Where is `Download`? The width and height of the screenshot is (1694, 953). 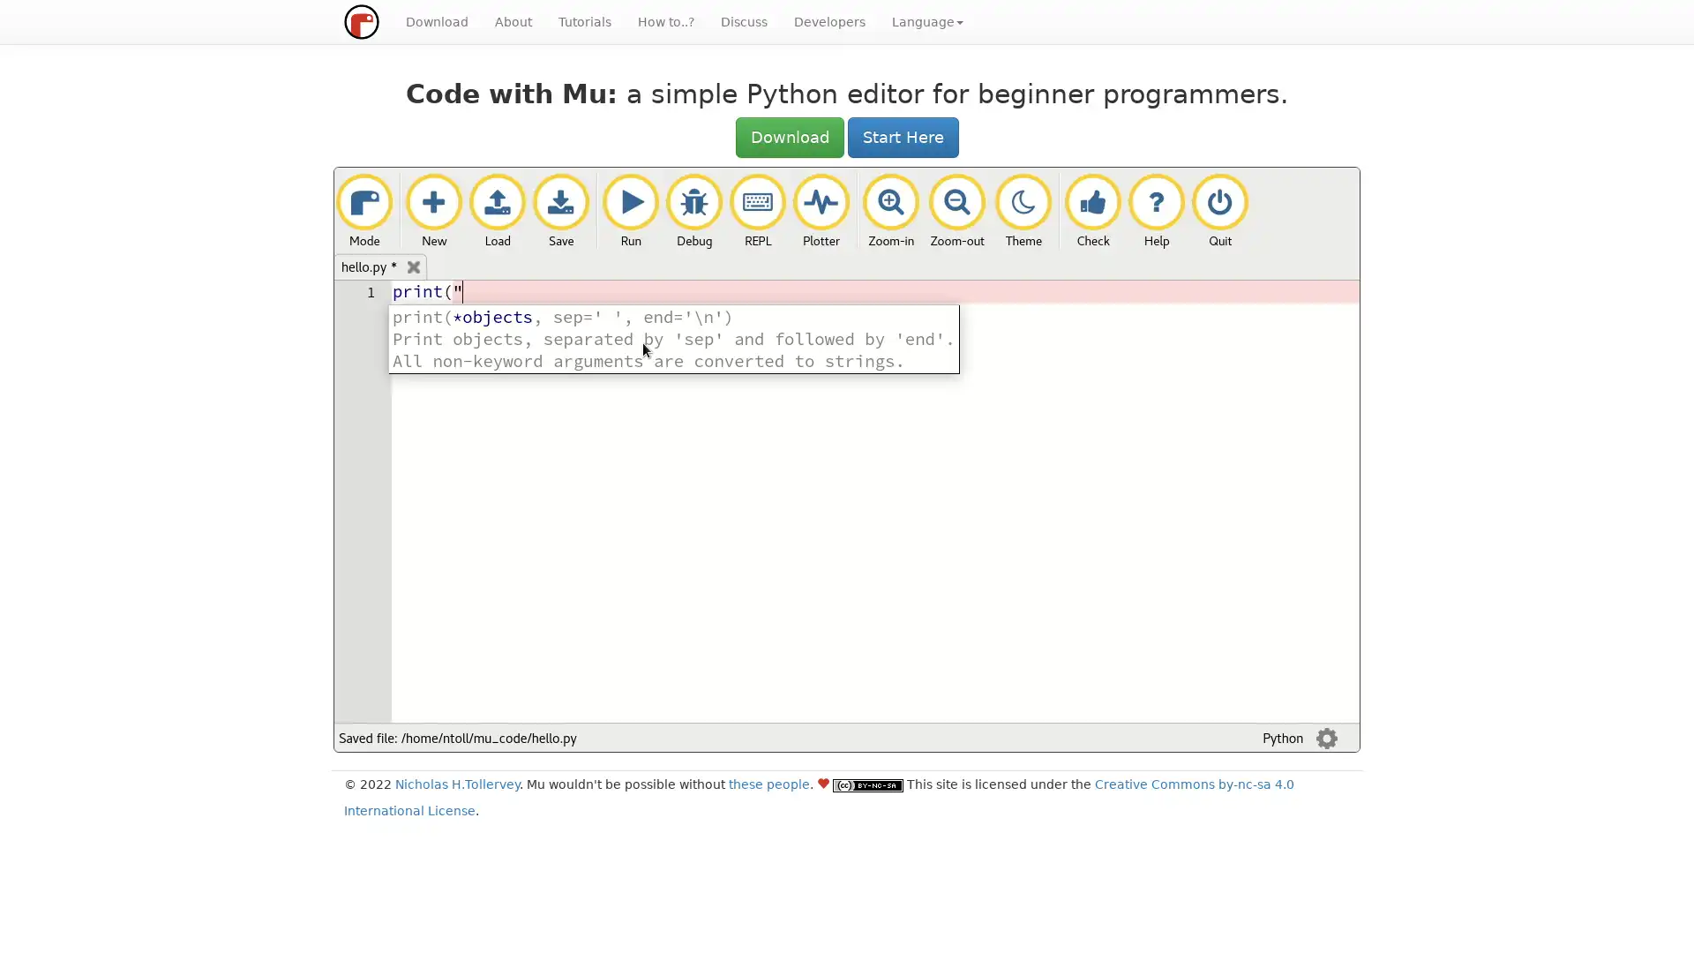
Download is located at coordinates (788, 136).